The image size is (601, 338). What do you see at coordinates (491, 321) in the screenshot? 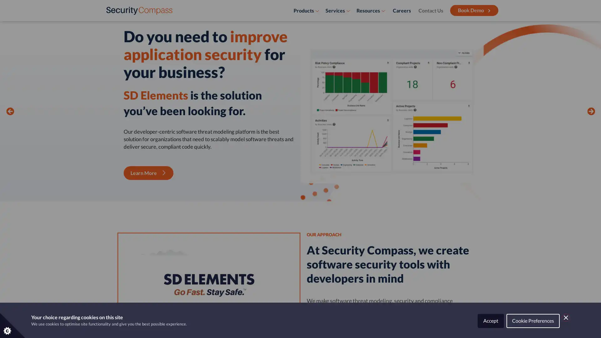
I see `Accept` at bounding box center [491, 321].